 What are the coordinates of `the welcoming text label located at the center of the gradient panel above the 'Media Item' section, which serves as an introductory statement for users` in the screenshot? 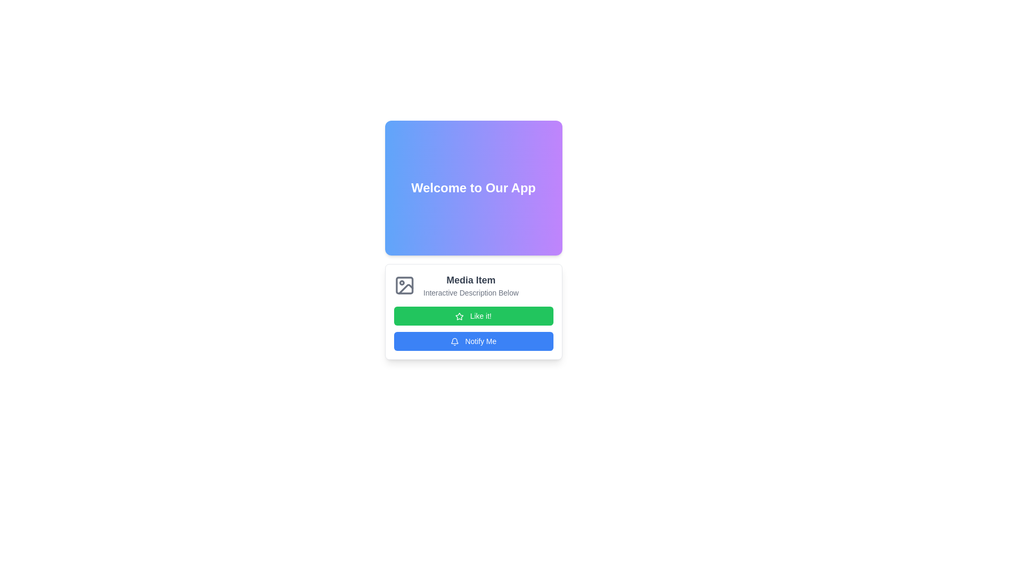 It's located at (473, 188).